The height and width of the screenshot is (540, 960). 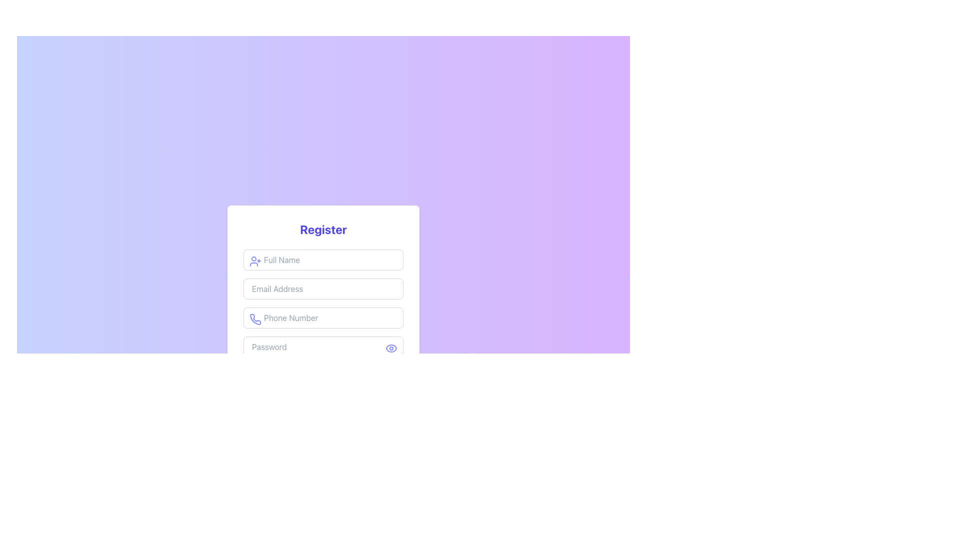 I want to click on the user icon with an addition symbol, styled with a purple tint, located at the top-left corner of the 'Full Name' text input field in the registration form, so click(x=255, y=261).